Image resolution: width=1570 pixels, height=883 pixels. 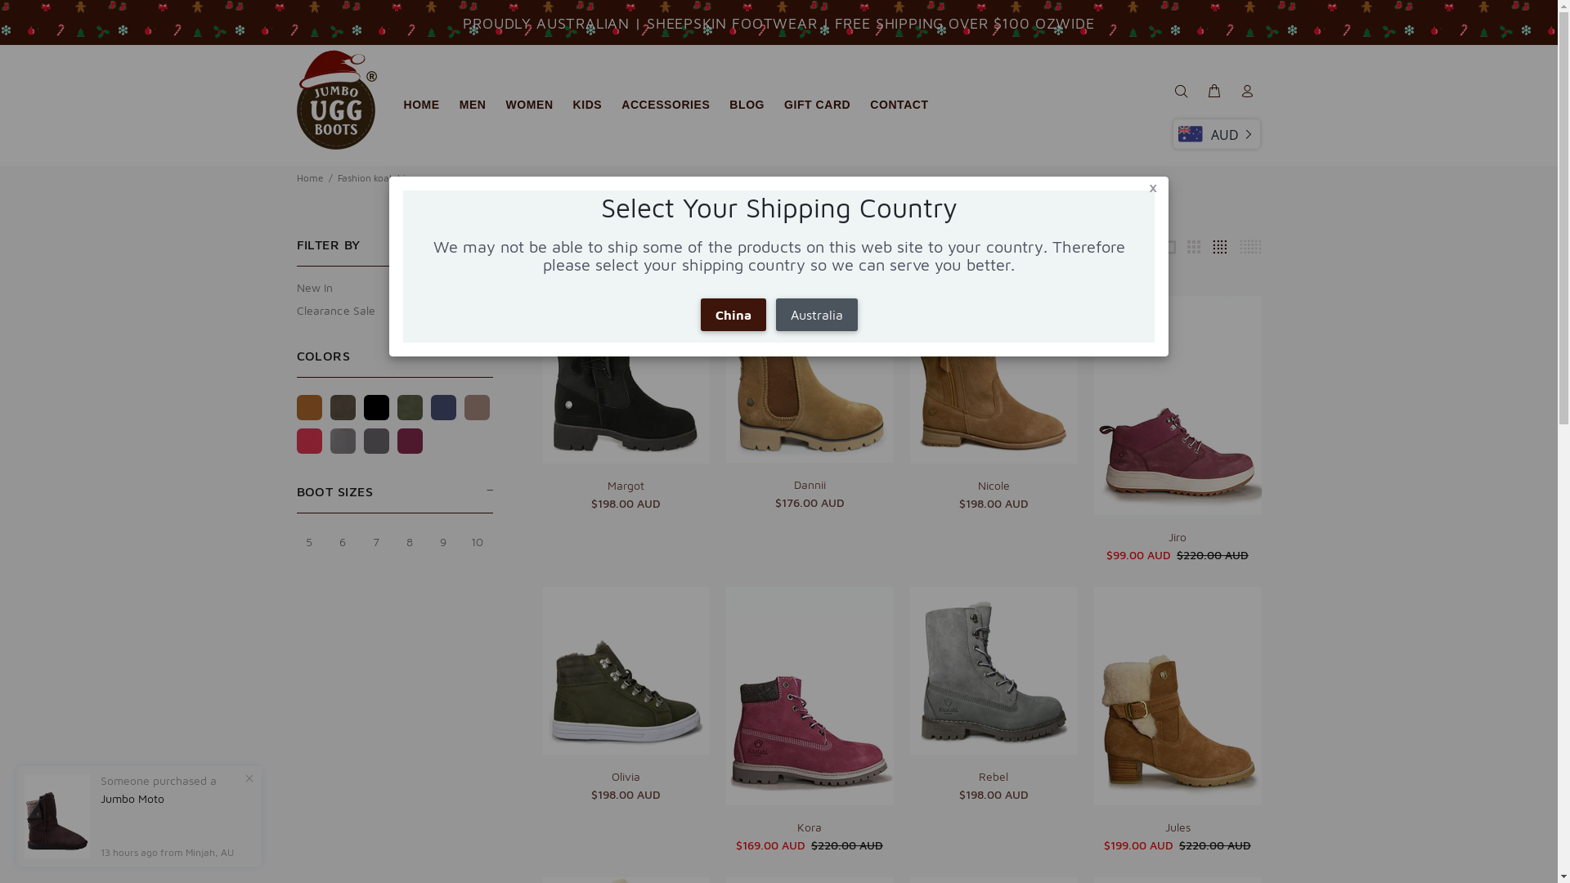 I want to click on 'Khaki', so click(x=397, y=406).